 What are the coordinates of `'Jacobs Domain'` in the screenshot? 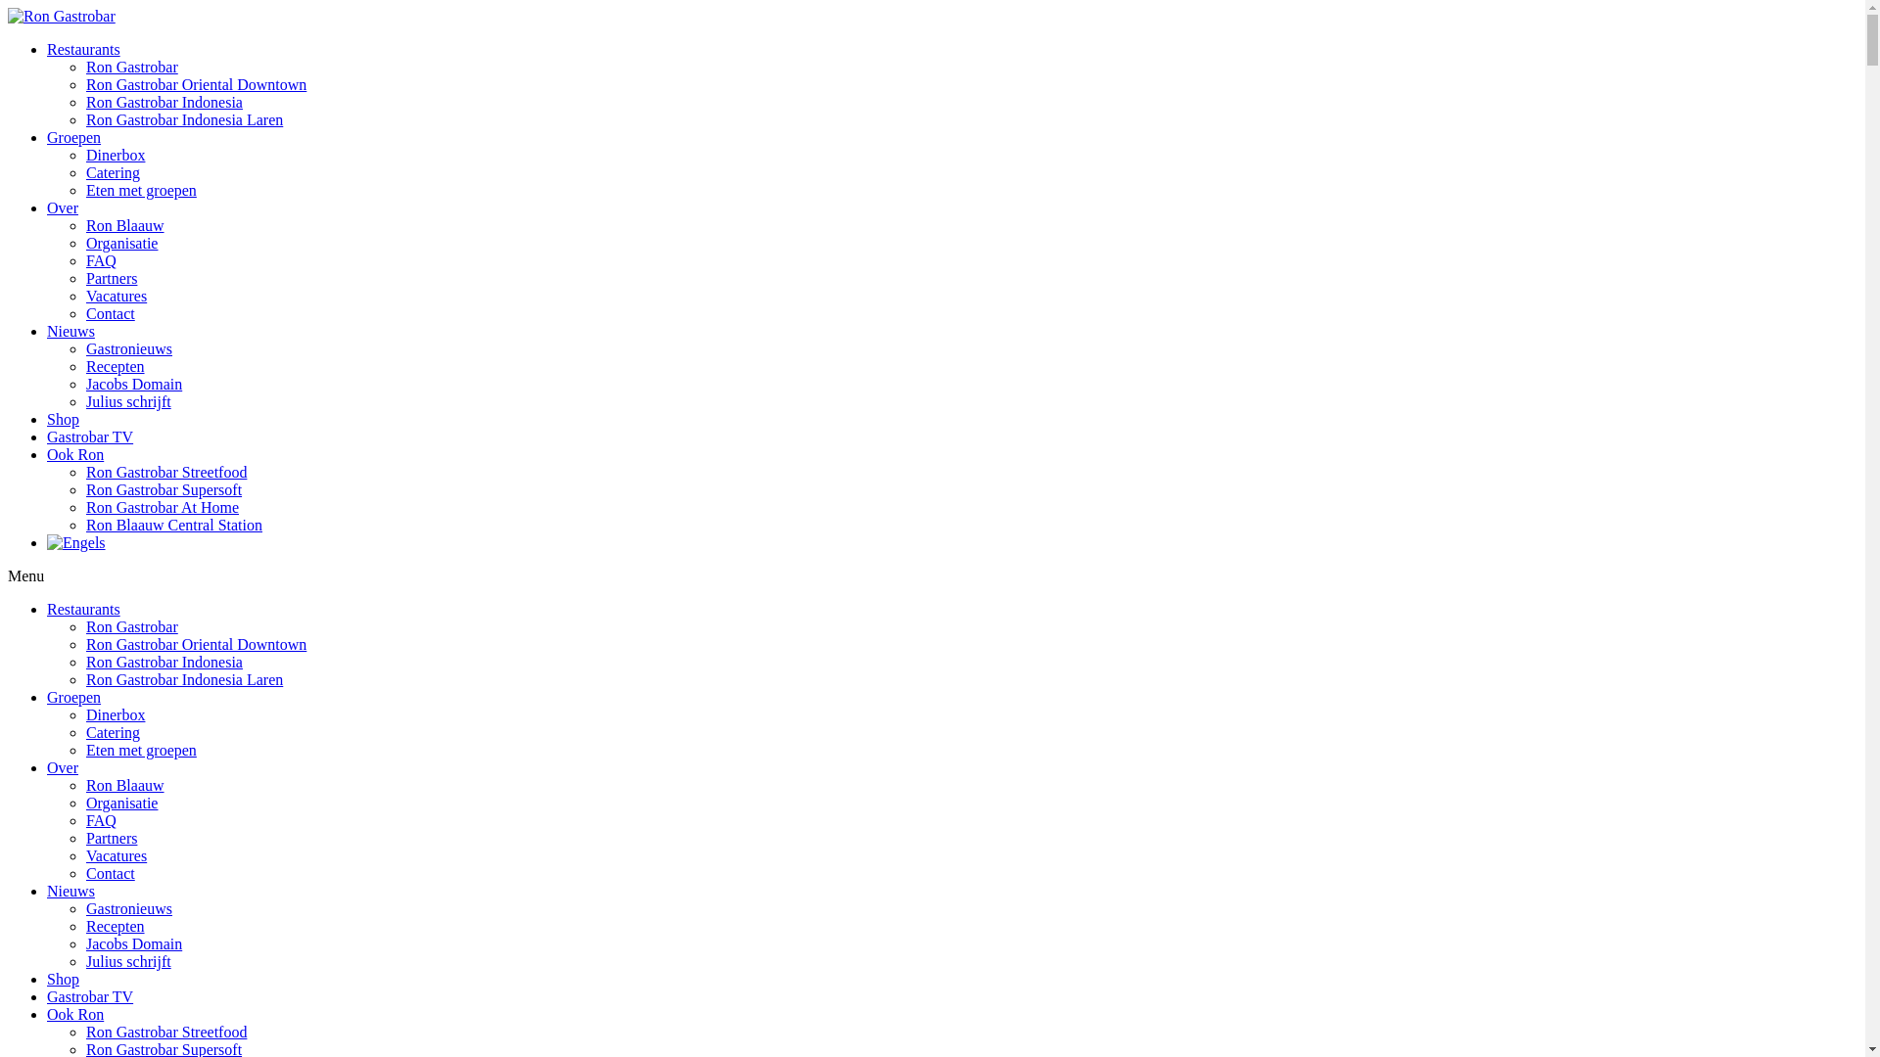 It's located at (84, 942).